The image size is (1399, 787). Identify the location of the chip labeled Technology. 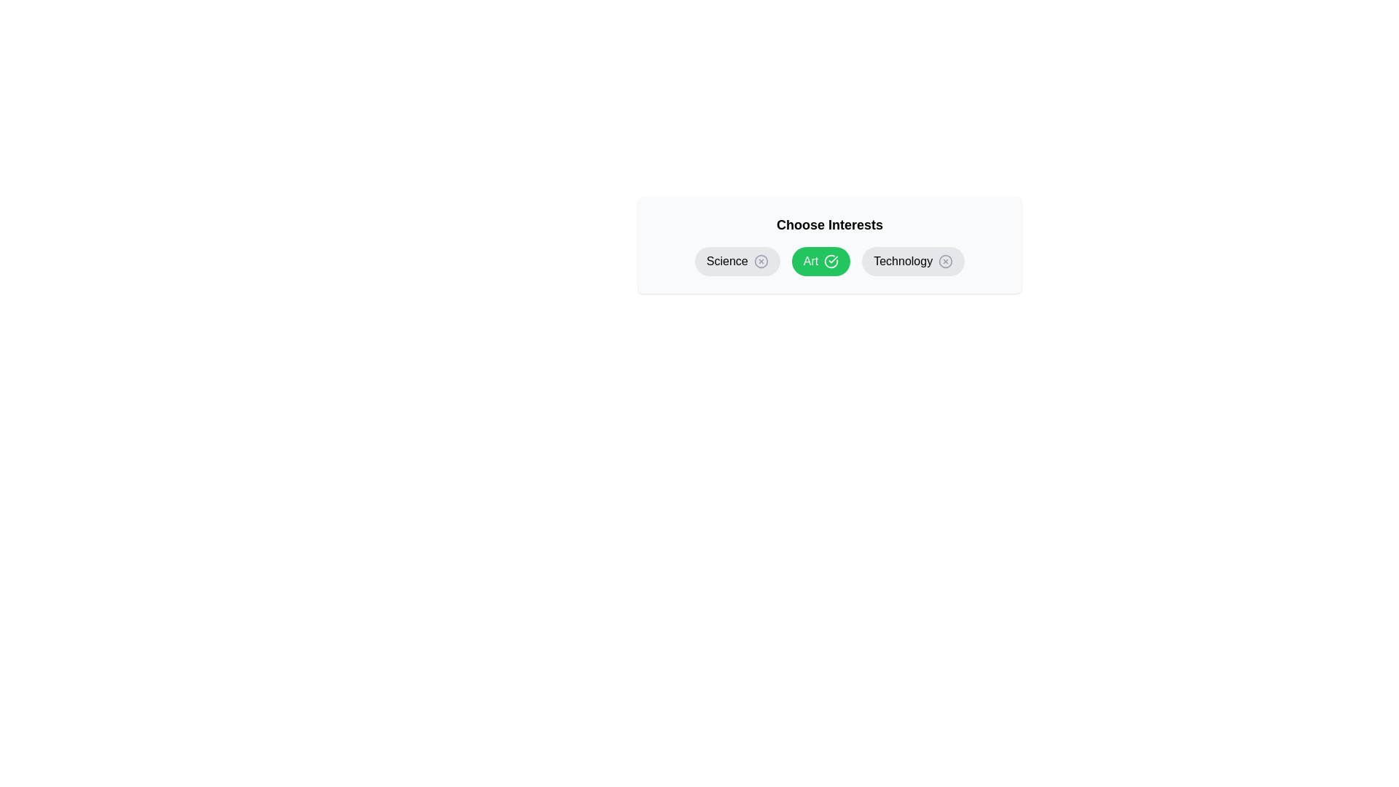
(912, 260).